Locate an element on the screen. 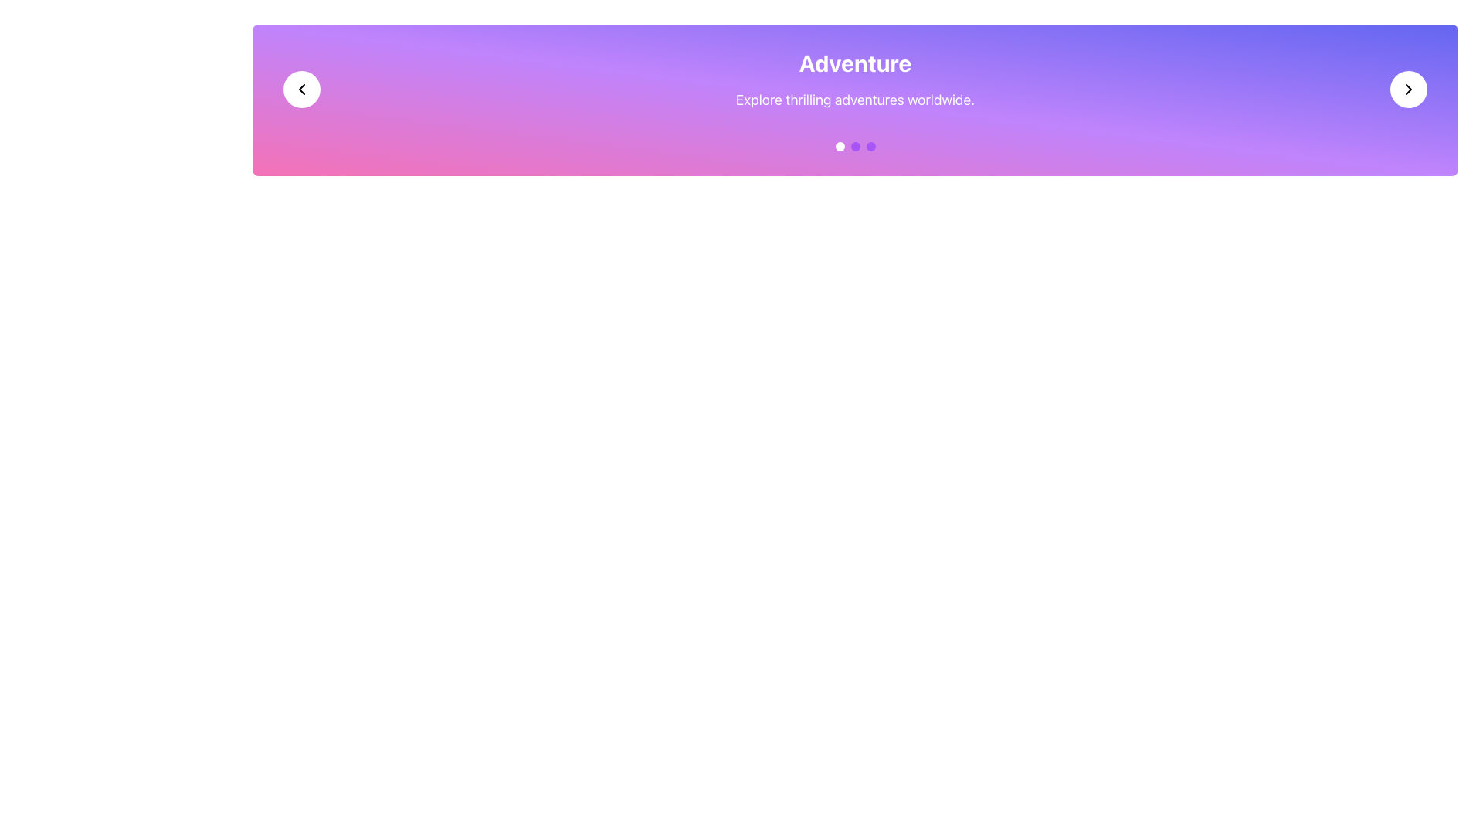 The image size is (1483, 834). the chevron icon pointing to the right located within the rightmost circular button at the top section of the interface is located at coordinates (1409, 89).